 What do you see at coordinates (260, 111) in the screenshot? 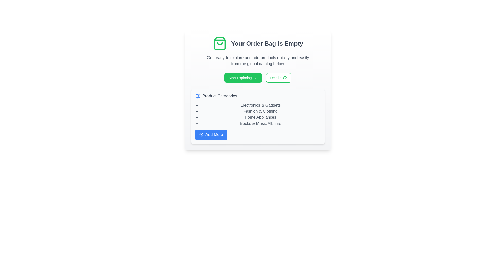
I see `the 'Fashion & Clothing' text label` at bounding box center [260, 111].